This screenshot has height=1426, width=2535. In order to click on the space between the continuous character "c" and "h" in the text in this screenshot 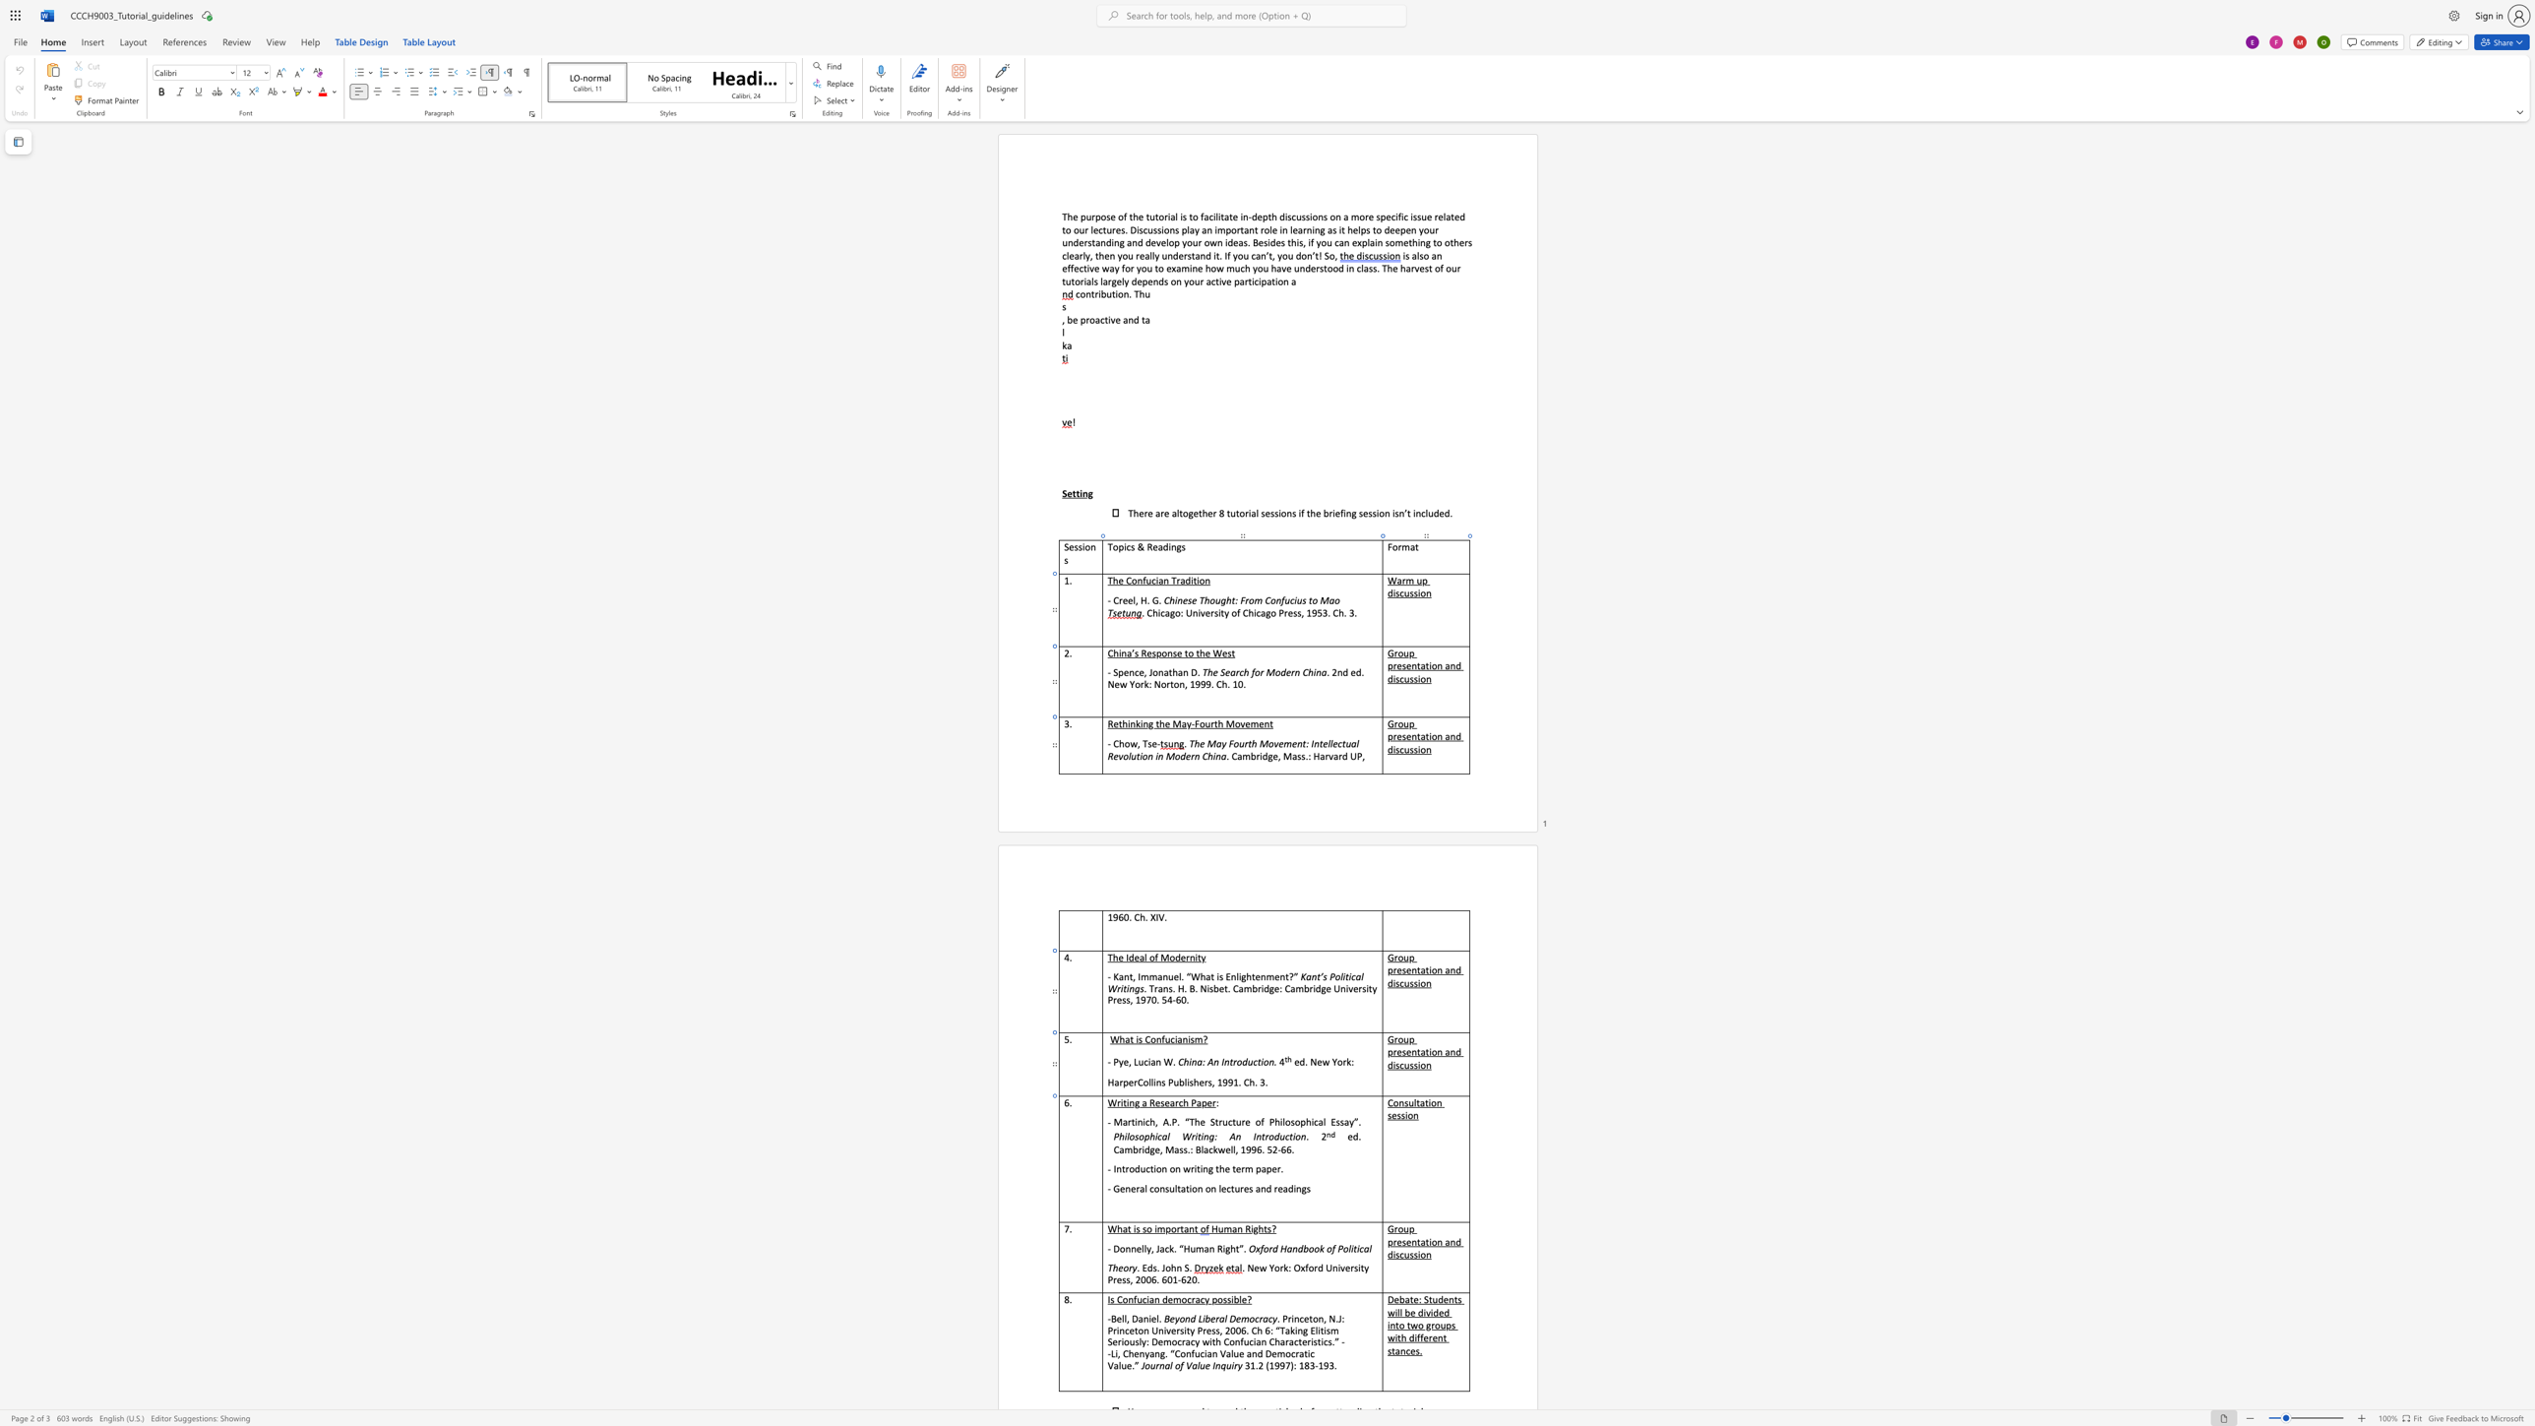, I will do `click(1182, 1102)`.